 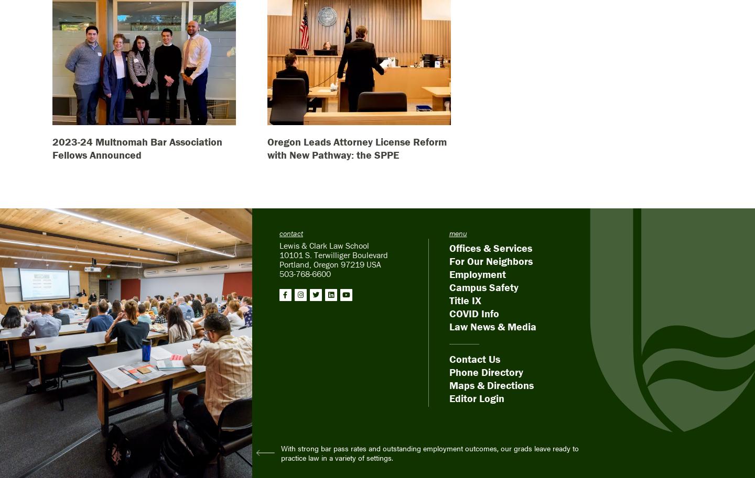 What do you see at coordinates (491, 384) in the screenshot?
I see `'Maps & Directions'` at bounding box center [491, 384].